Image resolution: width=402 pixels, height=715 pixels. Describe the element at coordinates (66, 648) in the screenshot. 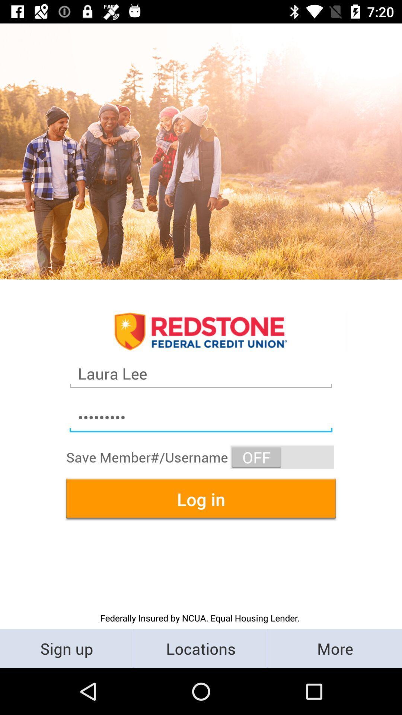

I see `the sign up icon` at that location.